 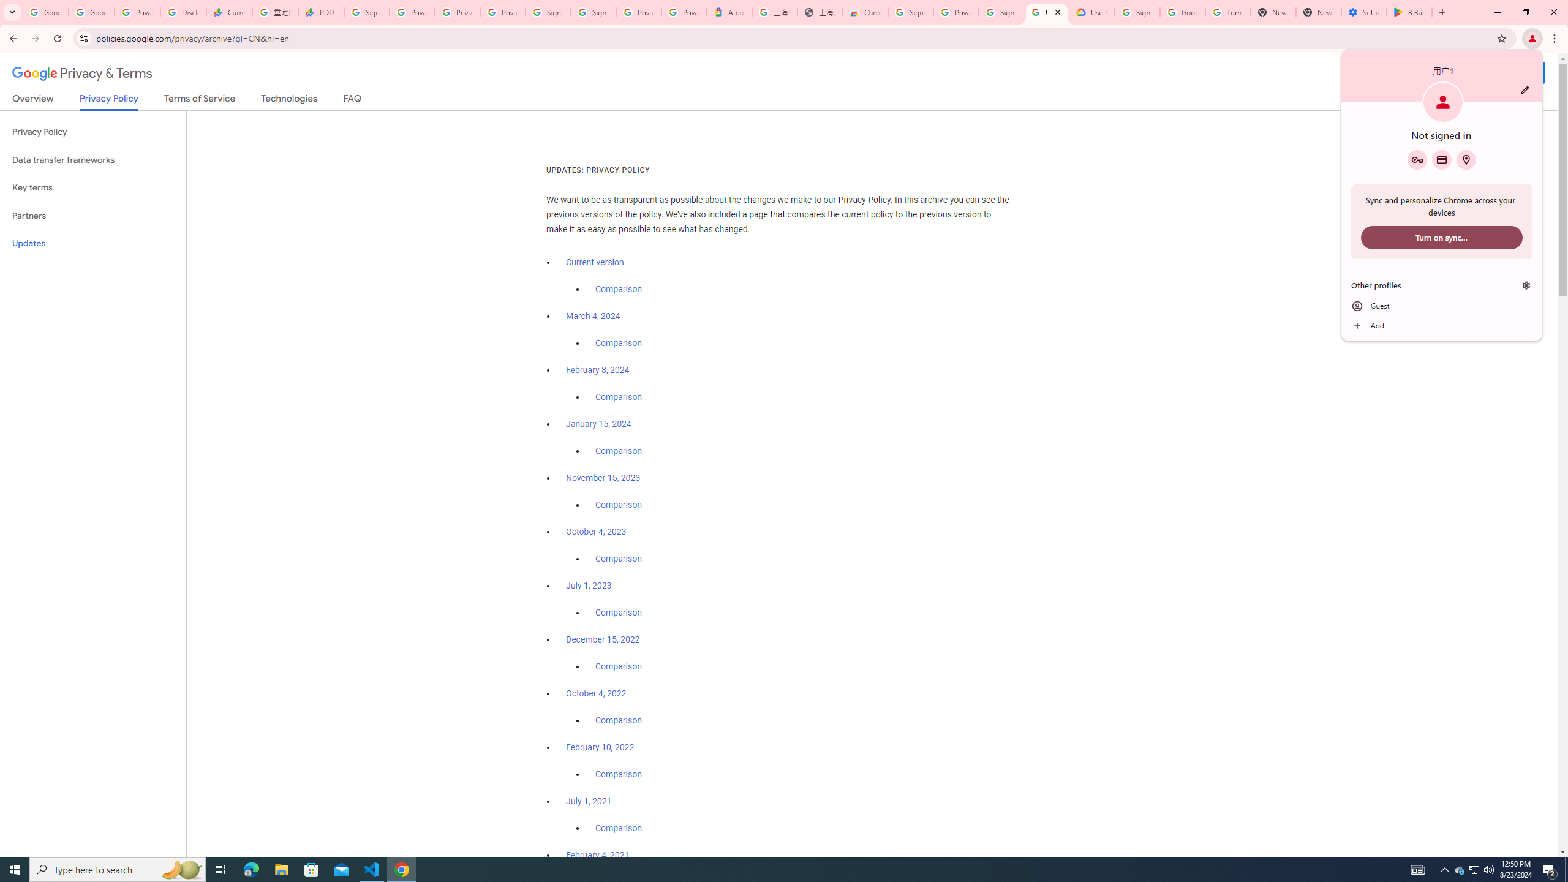 What do you see at coordinates (549, 12) in the screenshot?
I see `'Sign in - Google Accounts'` at bounding box center [549, 12].